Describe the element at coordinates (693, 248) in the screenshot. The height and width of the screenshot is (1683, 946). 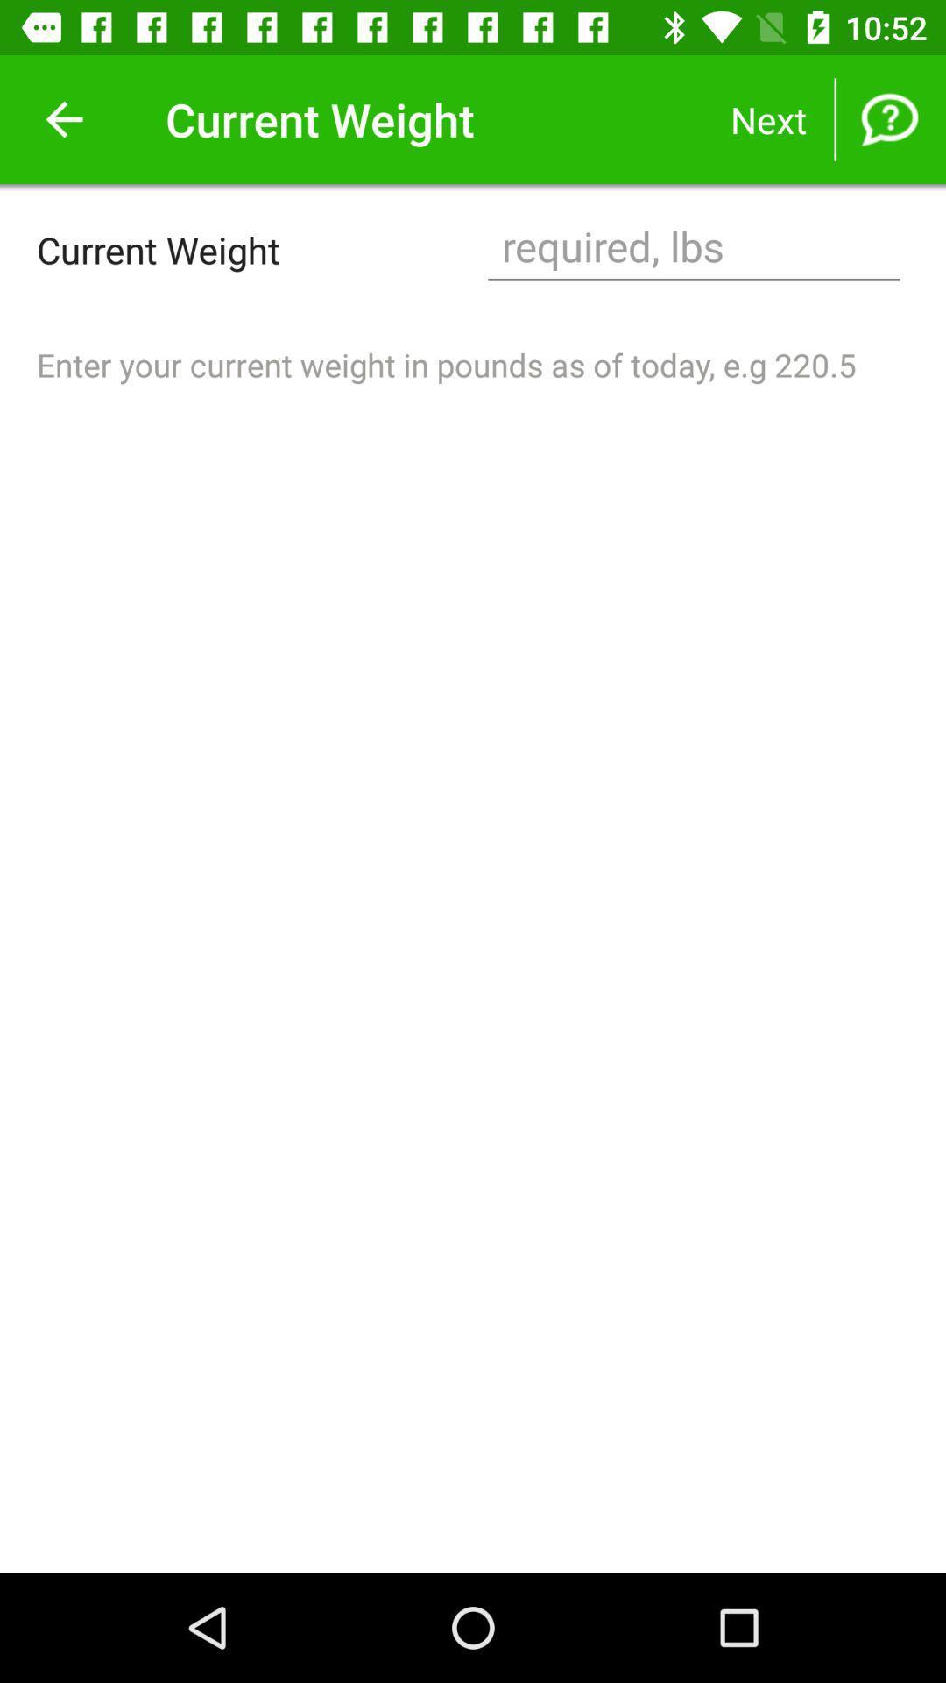
I see `the item above enter your current item` at that location.